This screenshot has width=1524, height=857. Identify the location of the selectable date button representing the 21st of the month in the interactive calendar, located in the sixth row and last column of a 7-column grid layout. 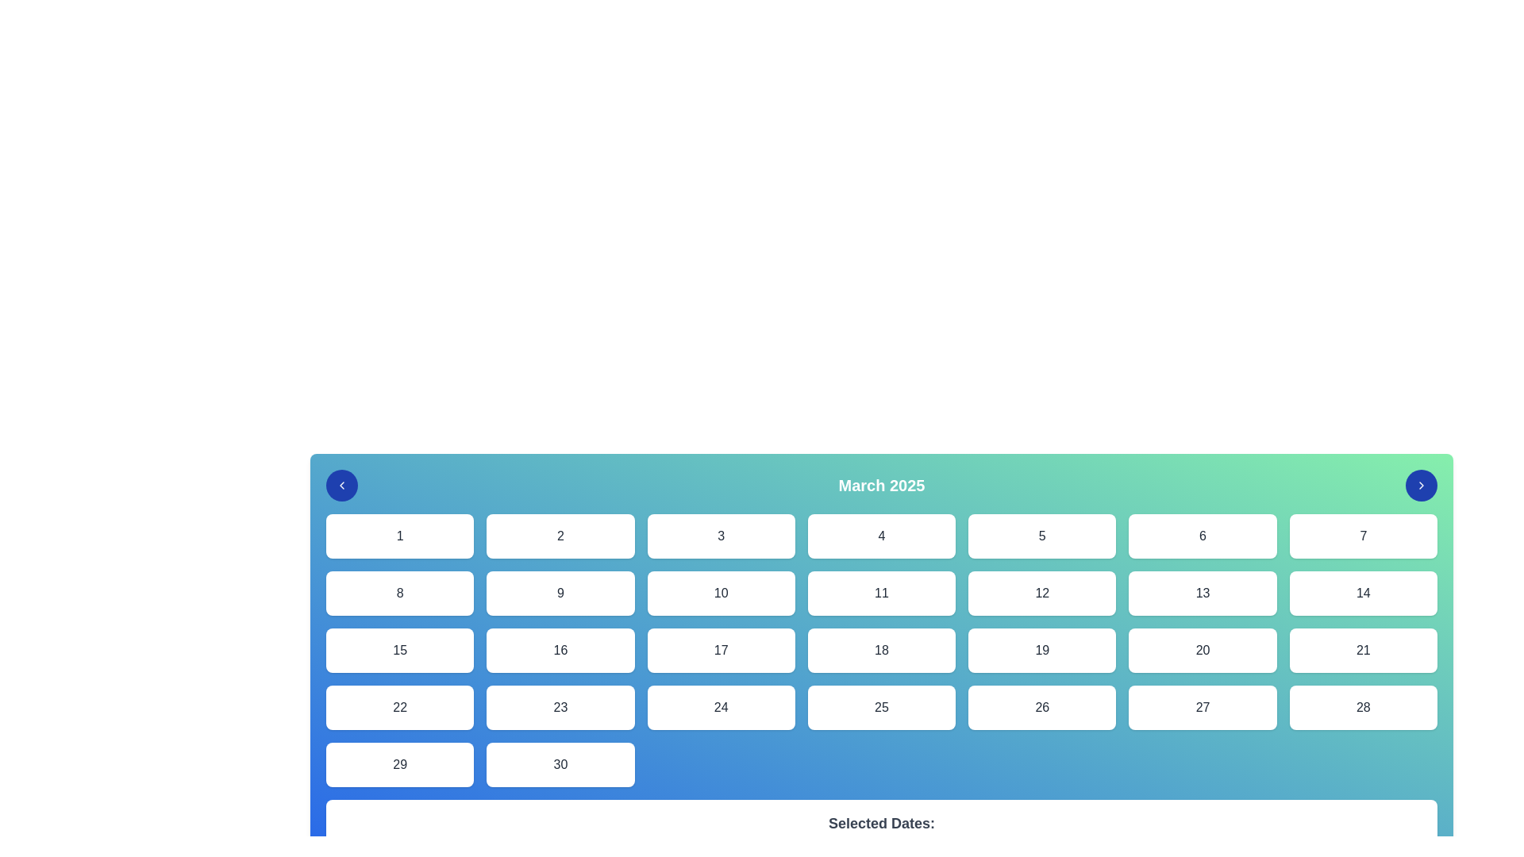
(1362, 651).